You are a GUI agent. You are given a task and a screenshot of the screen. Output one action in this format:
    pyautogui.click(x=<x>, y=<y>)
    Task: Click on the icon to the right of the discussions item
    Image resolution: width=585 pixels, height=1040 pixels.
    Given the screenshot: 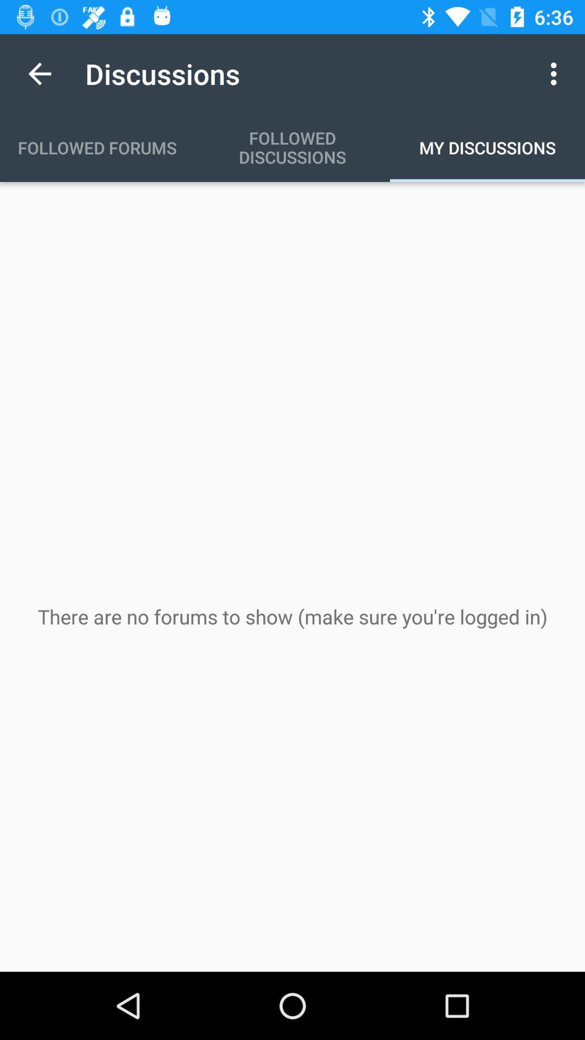 What is the action you would take?
    pyautogui.click(x=556, y=73)
    